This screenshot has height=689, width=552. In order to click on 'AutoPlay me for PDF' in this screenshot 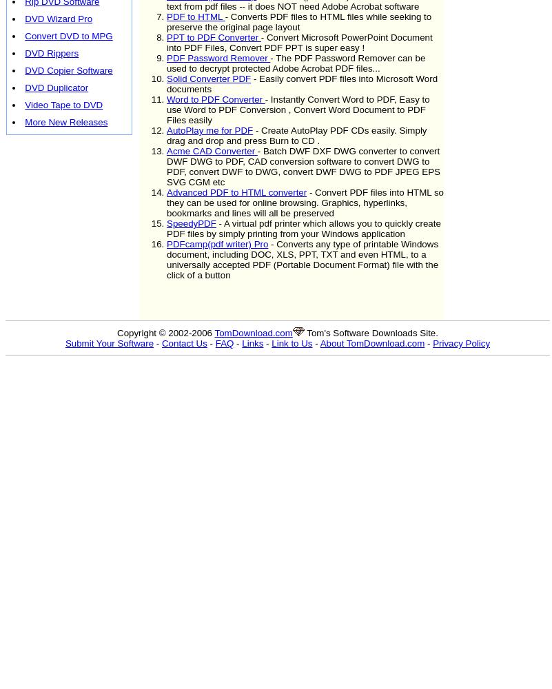, I will do `click(209, 130)`.